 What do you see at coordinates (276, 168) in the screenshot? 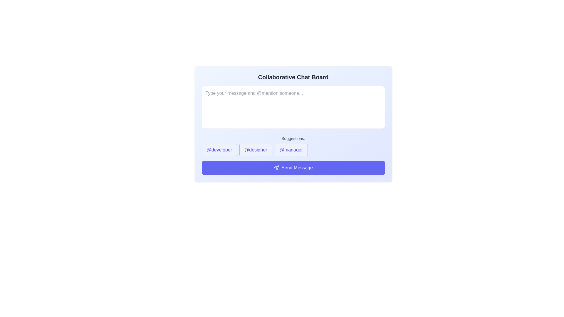
I see `the SVG icon that complements the 'Send Message' button, located to the left of its text label` at bounding box center [276, 168].